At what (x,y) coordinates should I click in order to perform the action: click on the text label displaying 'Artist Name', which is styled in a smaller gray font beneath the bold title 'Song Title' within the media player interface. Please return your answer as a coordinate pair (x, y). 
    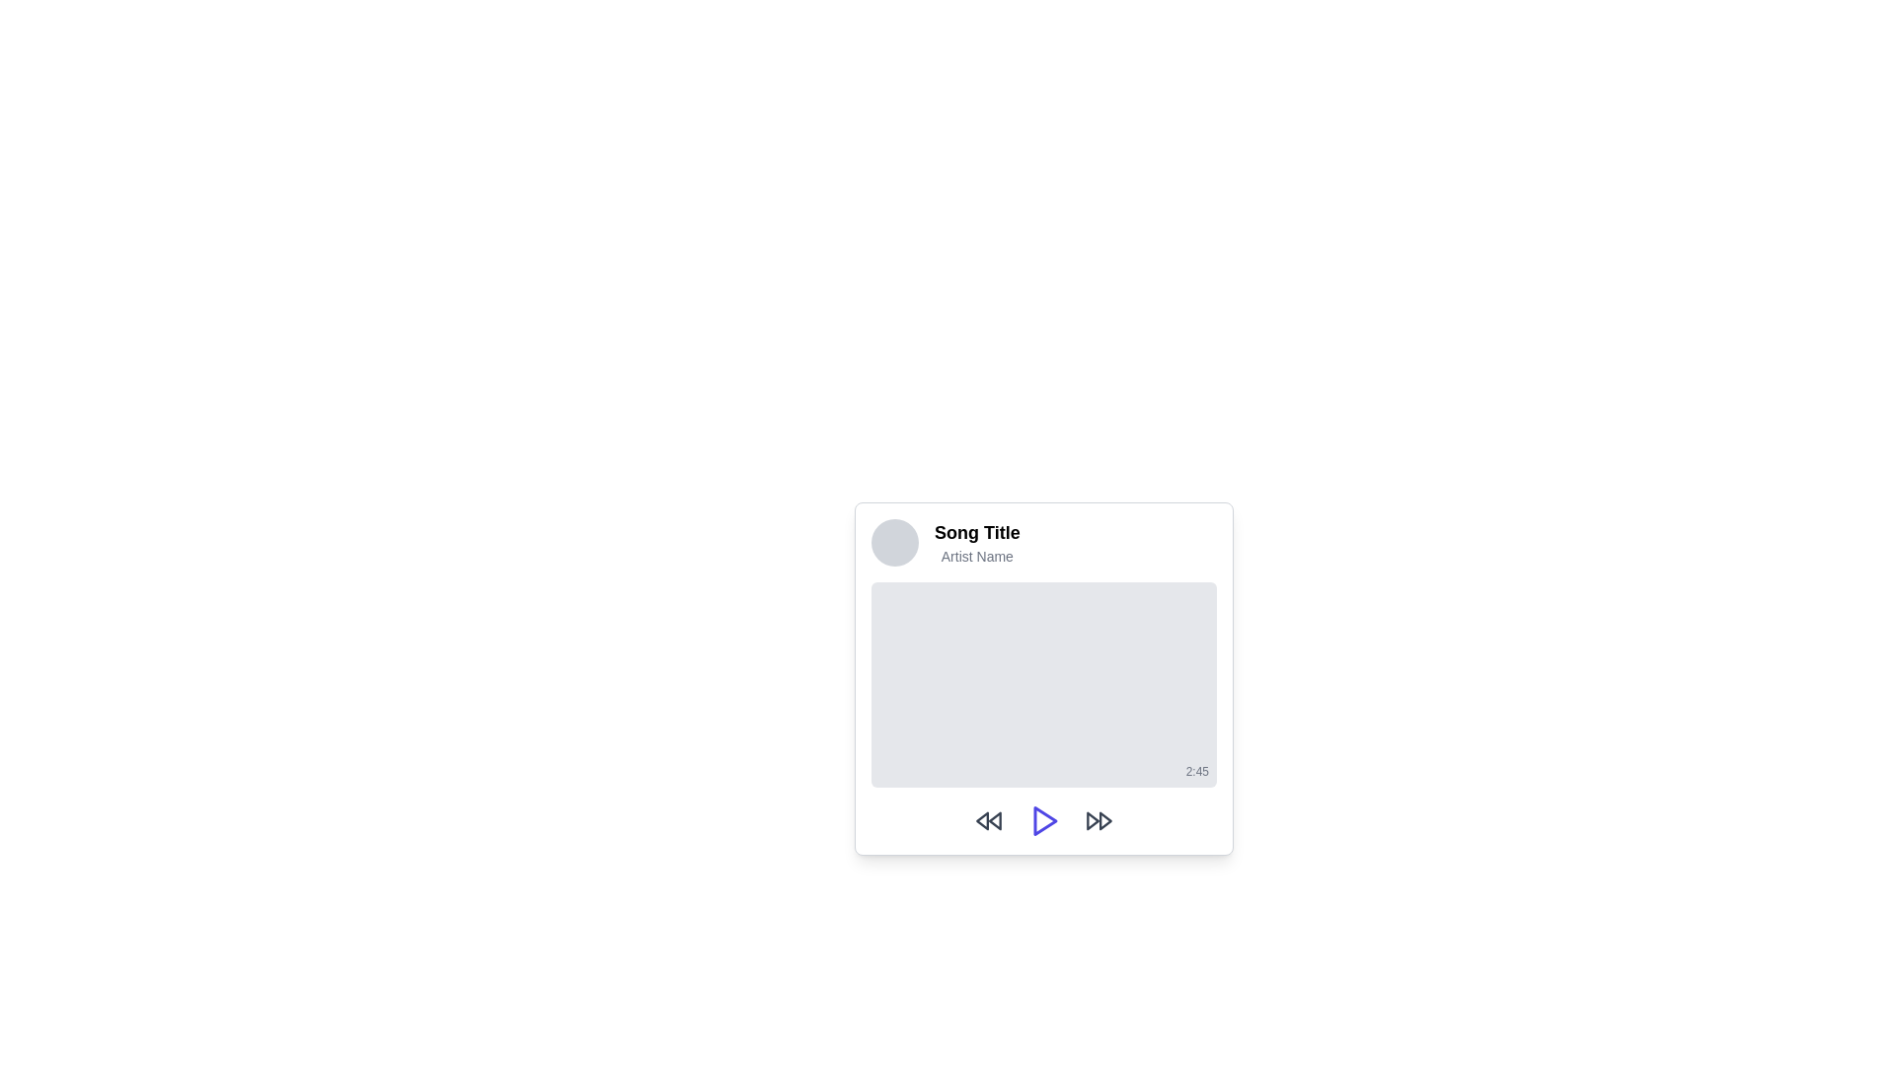
    Looking at the image, I should click on (977, 556).